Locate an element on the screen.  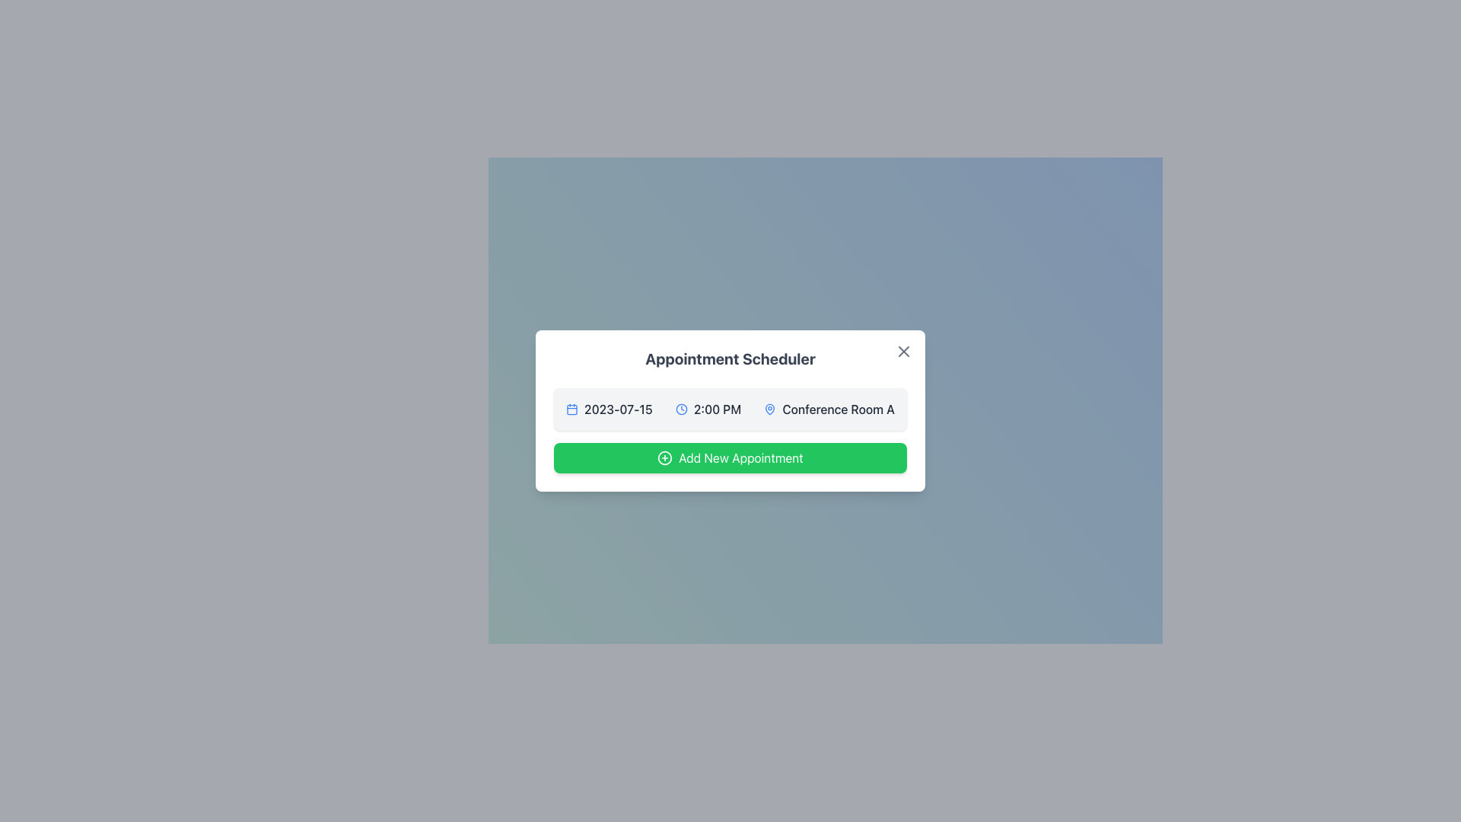
the clock icon indicating the scheduled time for the appointment, which is located immediately before the '2:00 PM' text is located at coordinates (680, 408).